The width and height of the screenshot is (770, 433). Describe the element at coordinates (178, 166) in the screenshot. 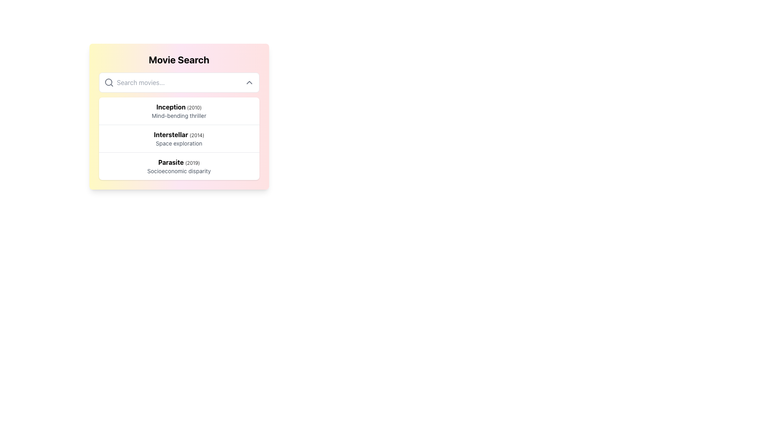

I see `the list item displaying information about the movie 'Parasite', which is the third item in the vertically stacked movie list` at that location.